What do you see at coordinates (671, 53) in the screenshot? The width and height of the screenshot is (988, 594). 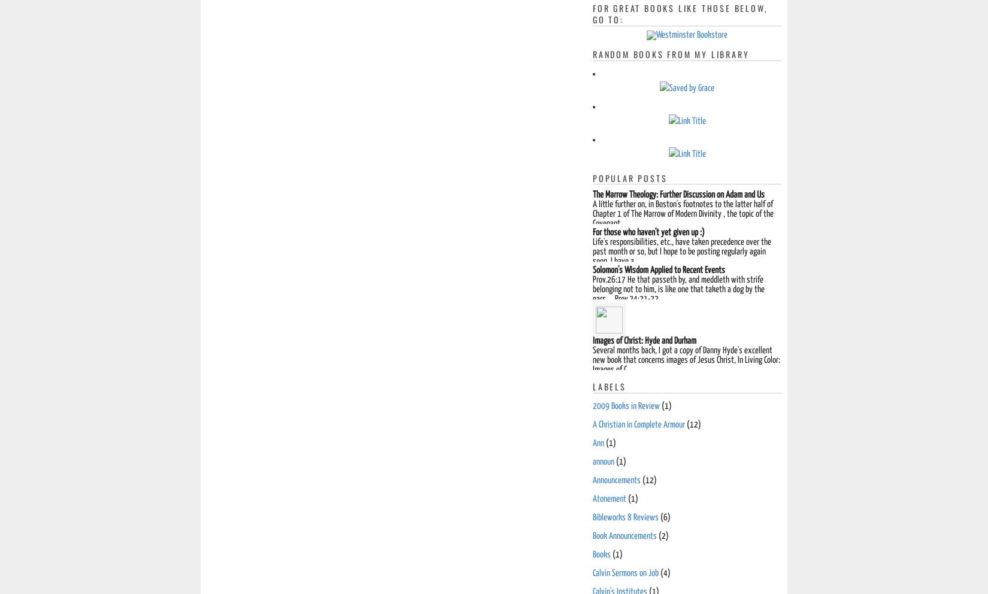 I see `'Random Books from My Library'` at bounding box center [671, 53].